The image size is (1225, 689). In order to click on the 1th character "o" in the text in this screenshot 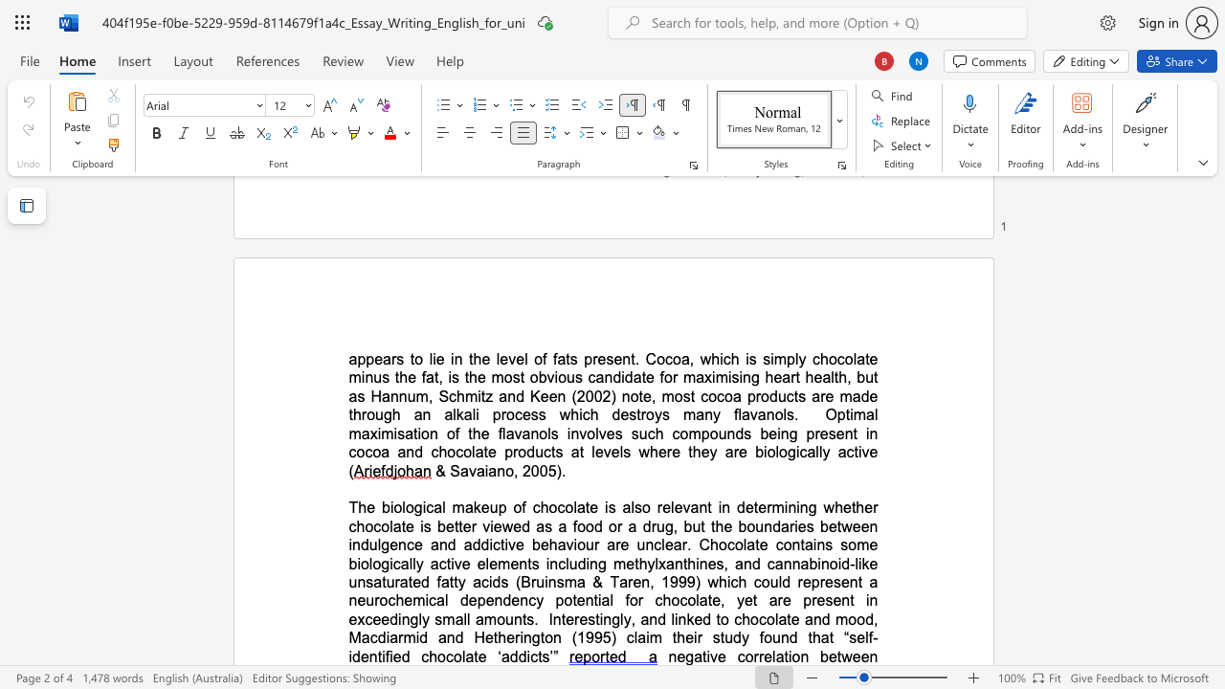, I will do `click(851, 619)`.